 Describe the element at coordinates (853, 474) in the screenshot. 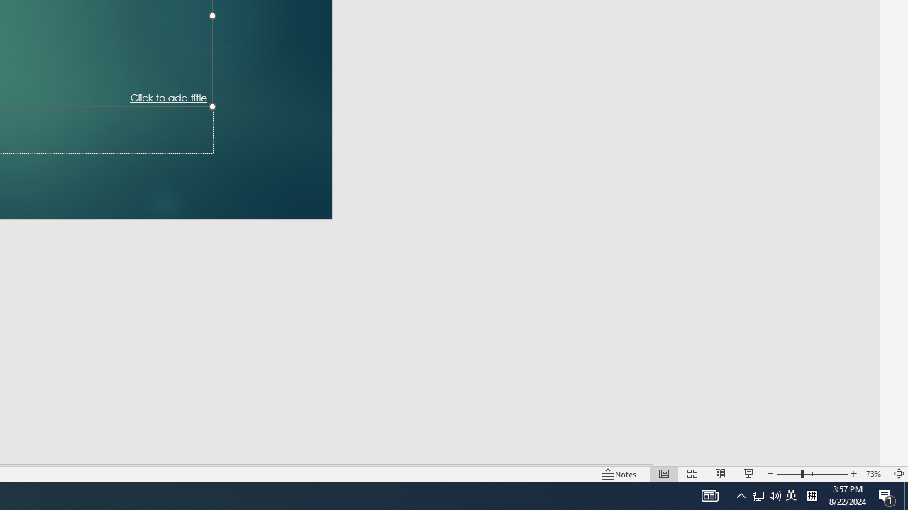

I see `'Zoom In'` at that location.